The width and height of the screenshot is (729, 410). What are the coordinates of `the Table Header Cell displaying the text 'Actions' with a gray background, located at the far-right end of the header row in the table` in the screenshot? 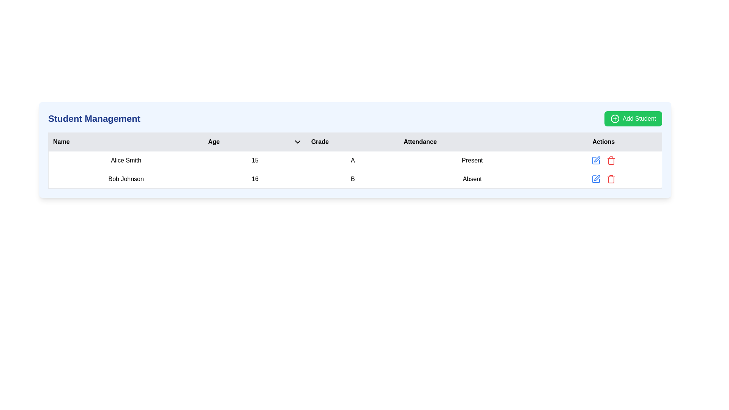 It's located at (603, 142).